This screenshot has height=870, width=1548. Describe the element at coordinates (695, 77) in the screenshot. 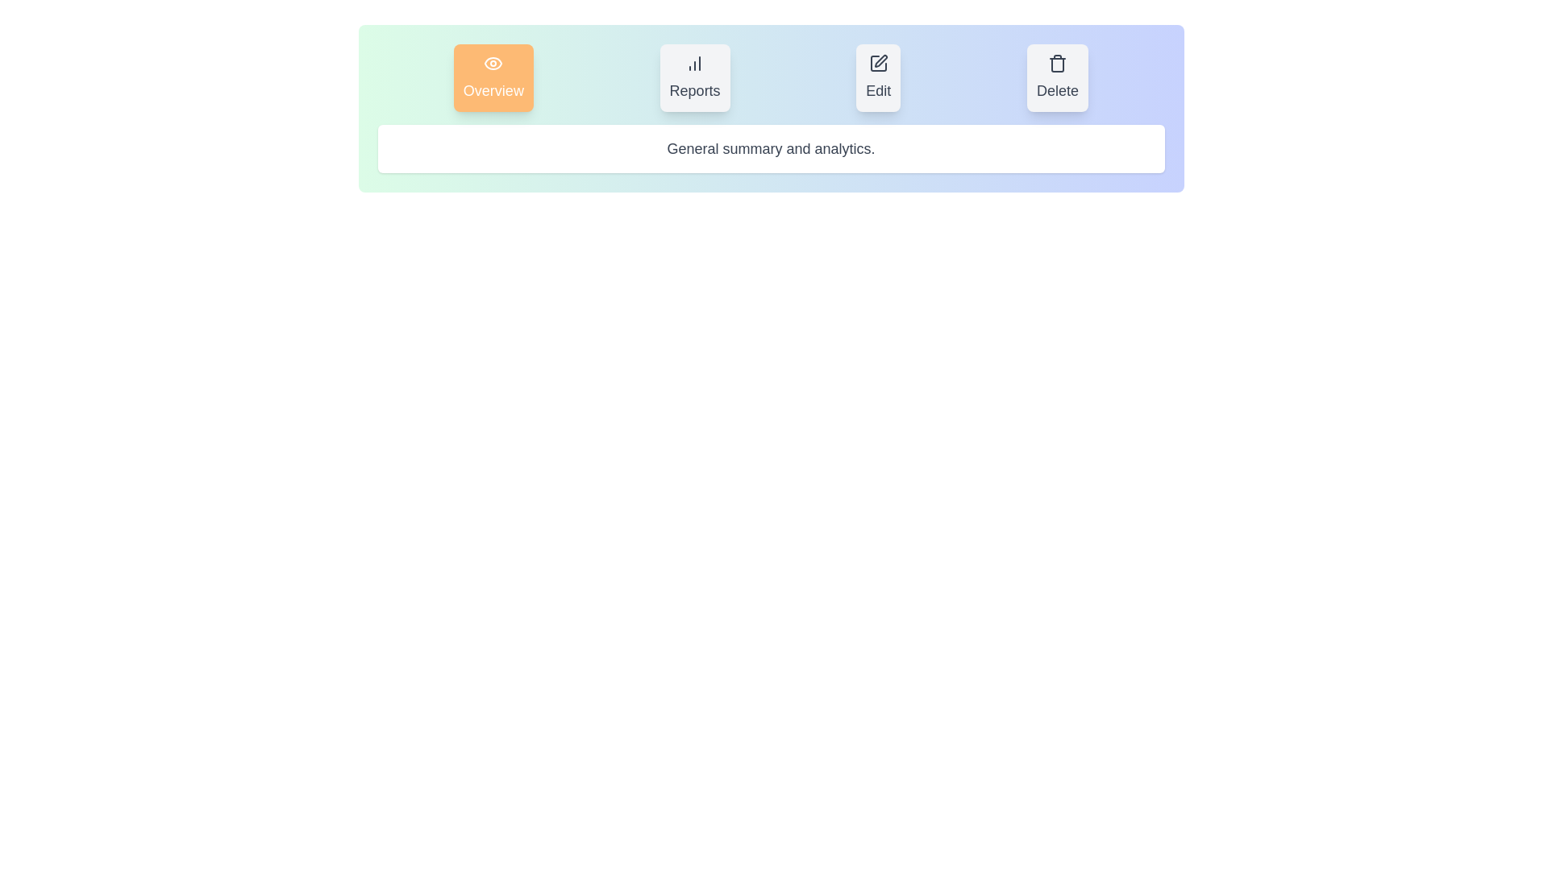

I see `the button labeled Reports to observe its hover effect` at that location.